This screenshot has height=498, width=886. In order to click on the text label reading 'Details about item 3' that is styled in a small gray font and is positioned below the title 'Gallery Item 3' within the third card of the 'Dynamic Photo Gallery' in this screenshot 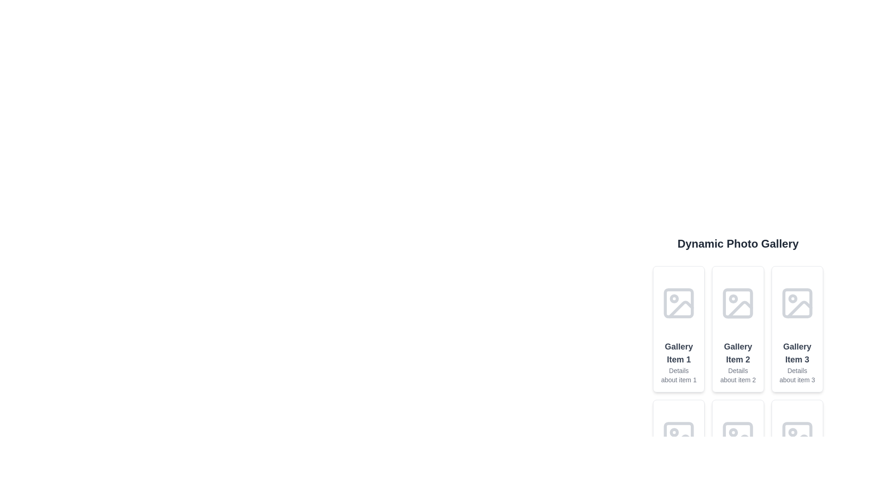, I will do `click(796, 375)`.